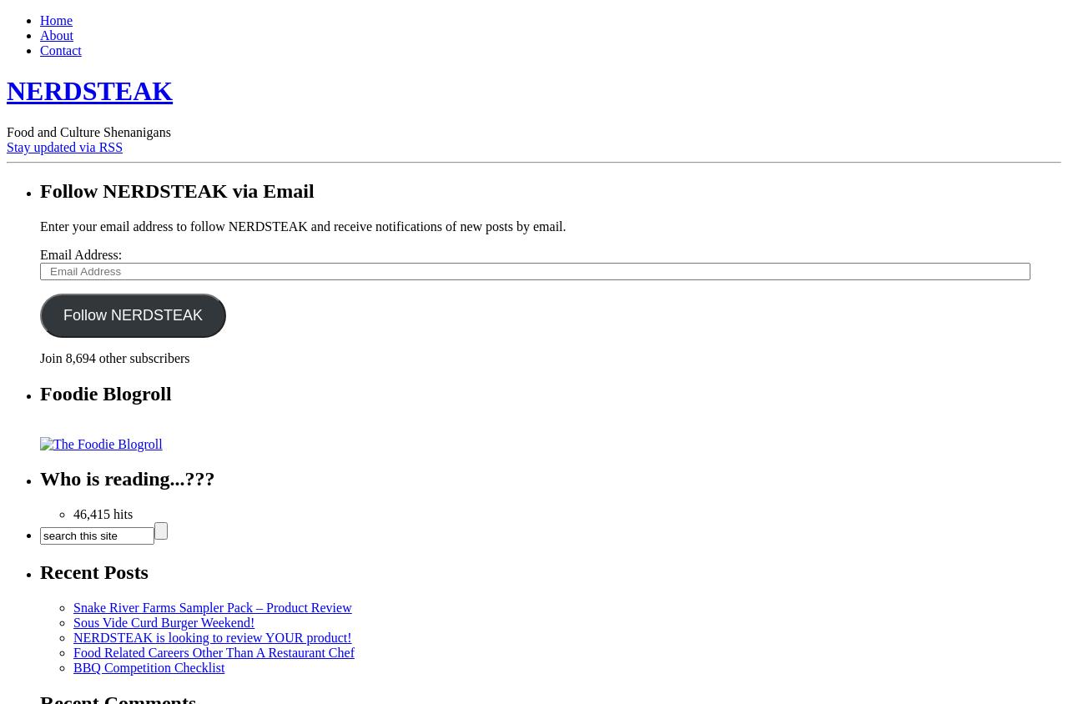 Image resolution: width=1068 pixels, height=704 pixels. I want to click on 'Follow NERDSTEAK', so click(131, 314).